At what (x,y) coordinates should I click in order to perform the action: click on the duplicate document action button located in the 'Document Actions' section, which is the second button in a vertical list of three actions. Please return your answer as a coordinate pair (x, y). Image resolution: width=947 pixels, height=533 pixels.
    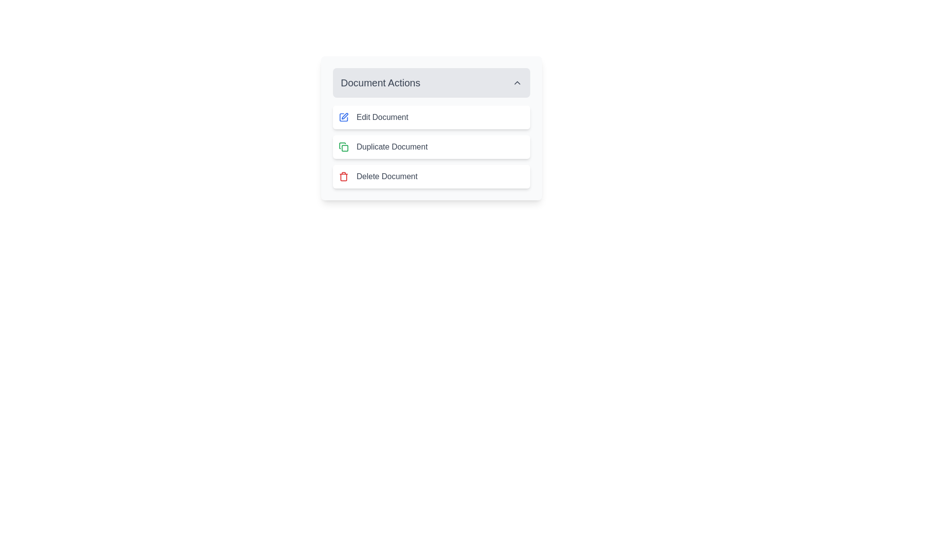
    Looking at the image, I should click on (431, 147).